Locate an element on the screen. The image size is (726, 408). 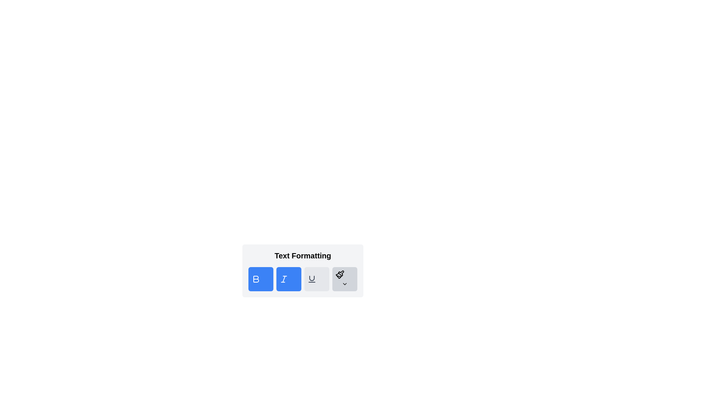
the bold format button with a centered 'B' character in a solid blue background, located in the bottom-left side of the formatting toolbar is located at coordinates (256, 279).